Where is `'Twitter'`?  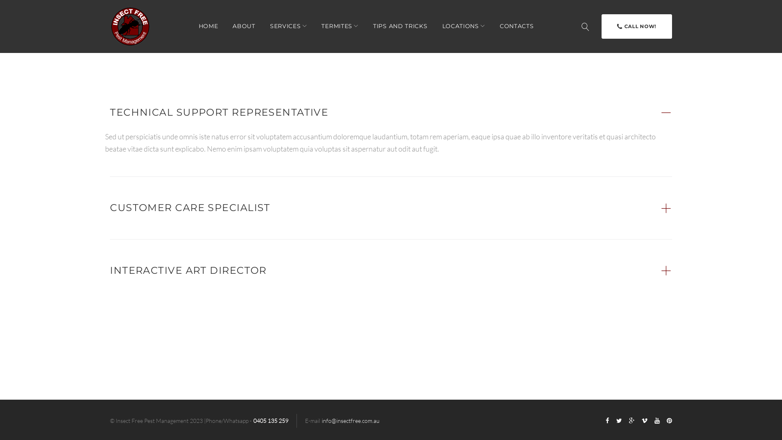
'Twitter' is located at coordinates (616, 421).